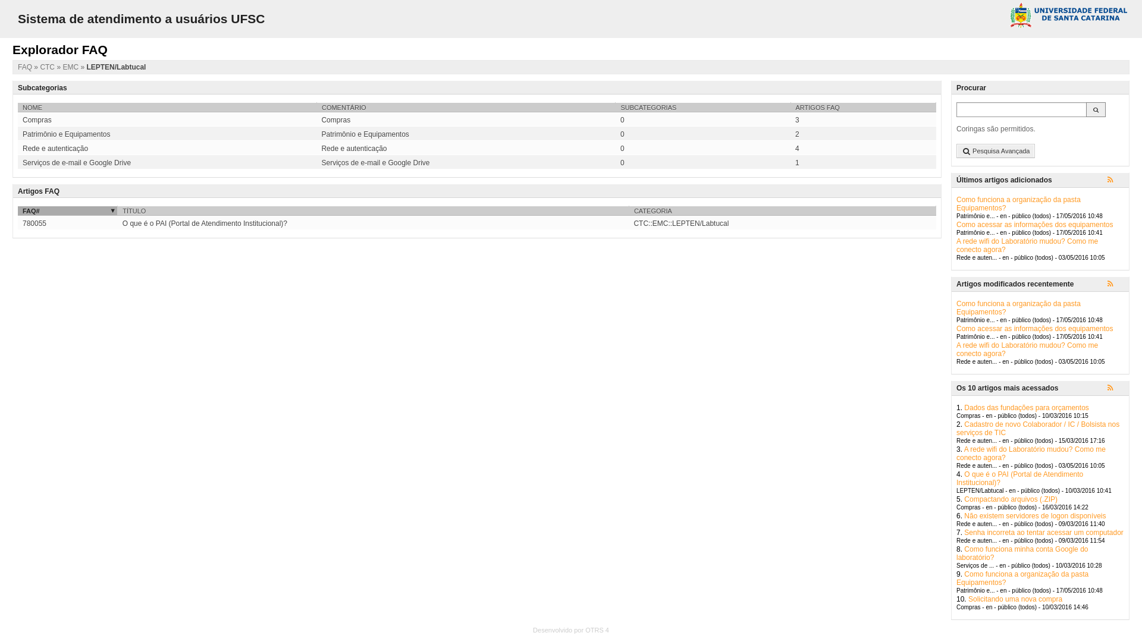  Describe the element at coordinates (67, 210) in the screenshot. I see `'FAQ#'` at that location.